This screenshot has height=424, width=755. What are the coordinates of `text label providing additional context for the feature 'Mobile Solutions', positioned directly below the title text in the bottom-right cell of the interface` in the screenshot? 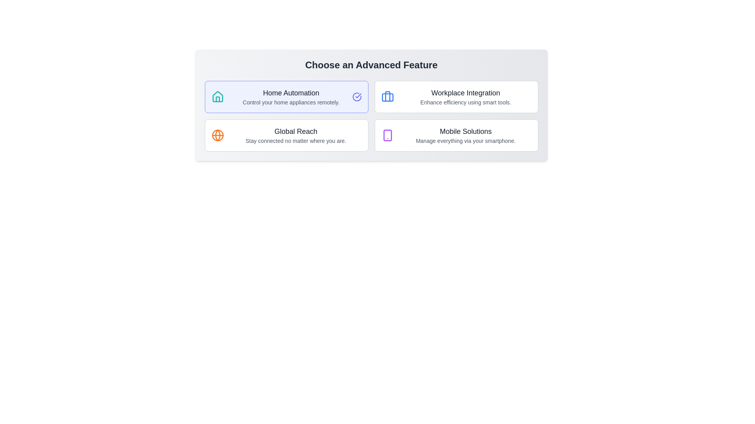 It's located at (466, 140).